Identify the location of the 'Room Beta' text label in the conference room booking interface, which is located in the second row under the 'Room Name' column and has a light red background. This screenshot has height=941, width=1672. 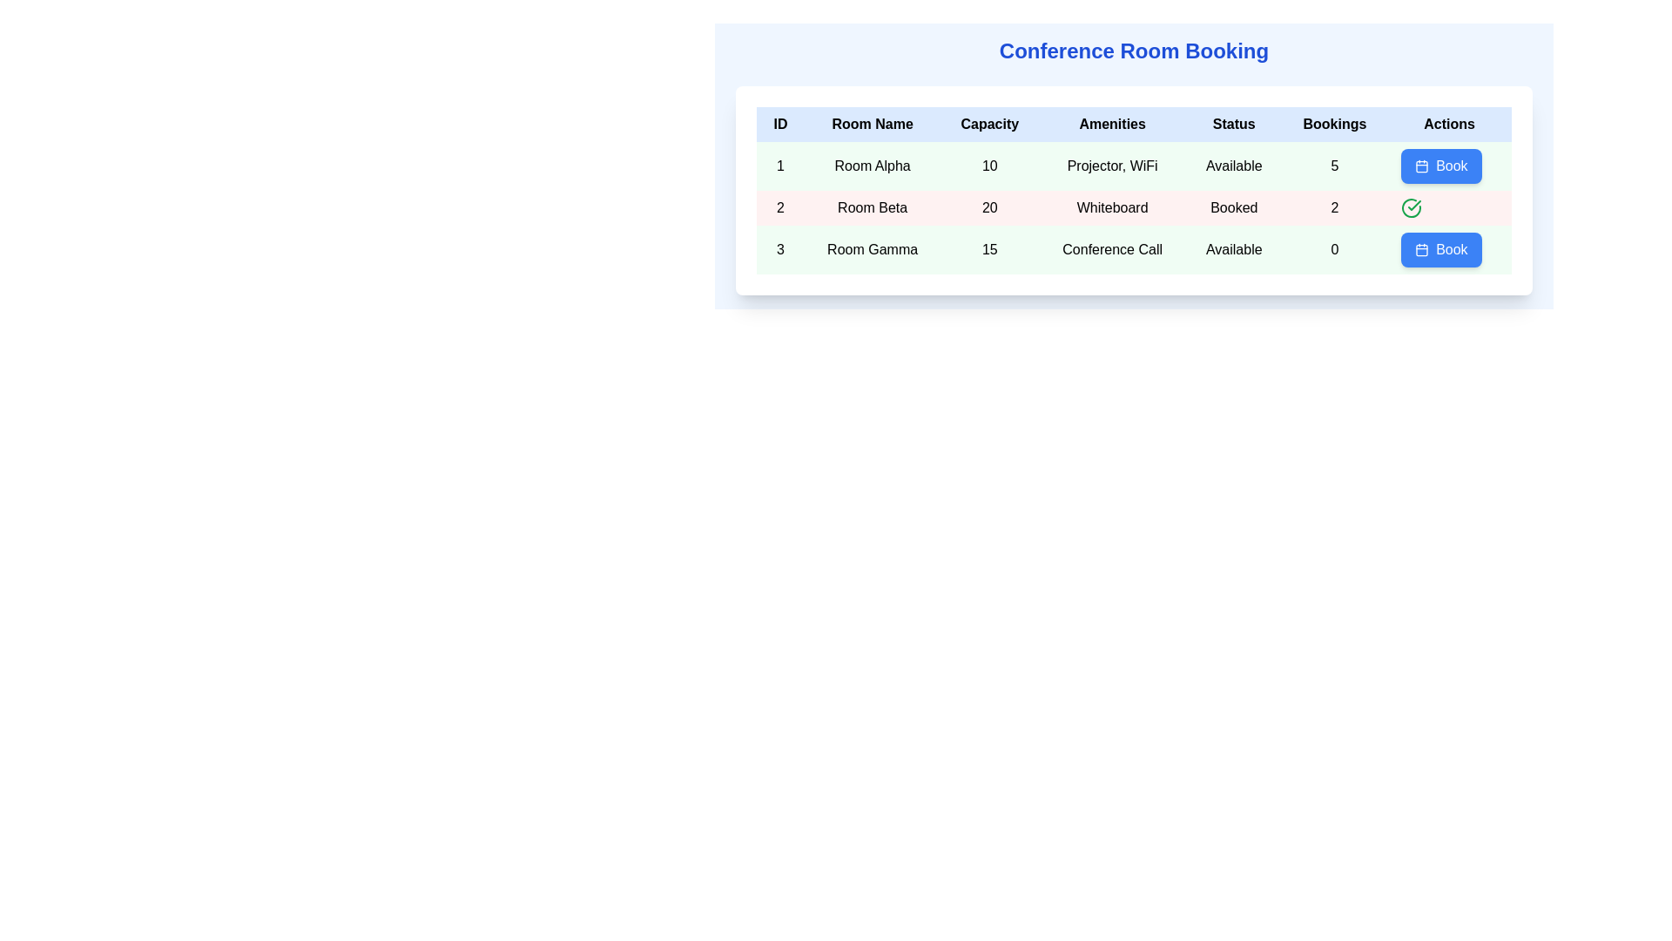
(873, 207).